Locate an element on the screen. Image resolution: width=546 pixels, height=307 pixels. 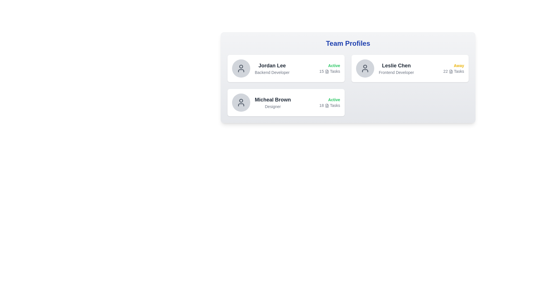
the Text label displaying the team member's name located in the second card of the 'Team Profiles' section, above the 'Frontend Developer' label is located at coordinates (396, 65).